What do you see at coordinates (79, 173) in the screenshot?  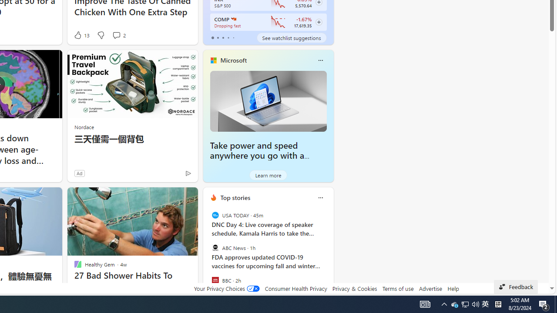 I see `'Ad'` at bounding box center [79, 173].